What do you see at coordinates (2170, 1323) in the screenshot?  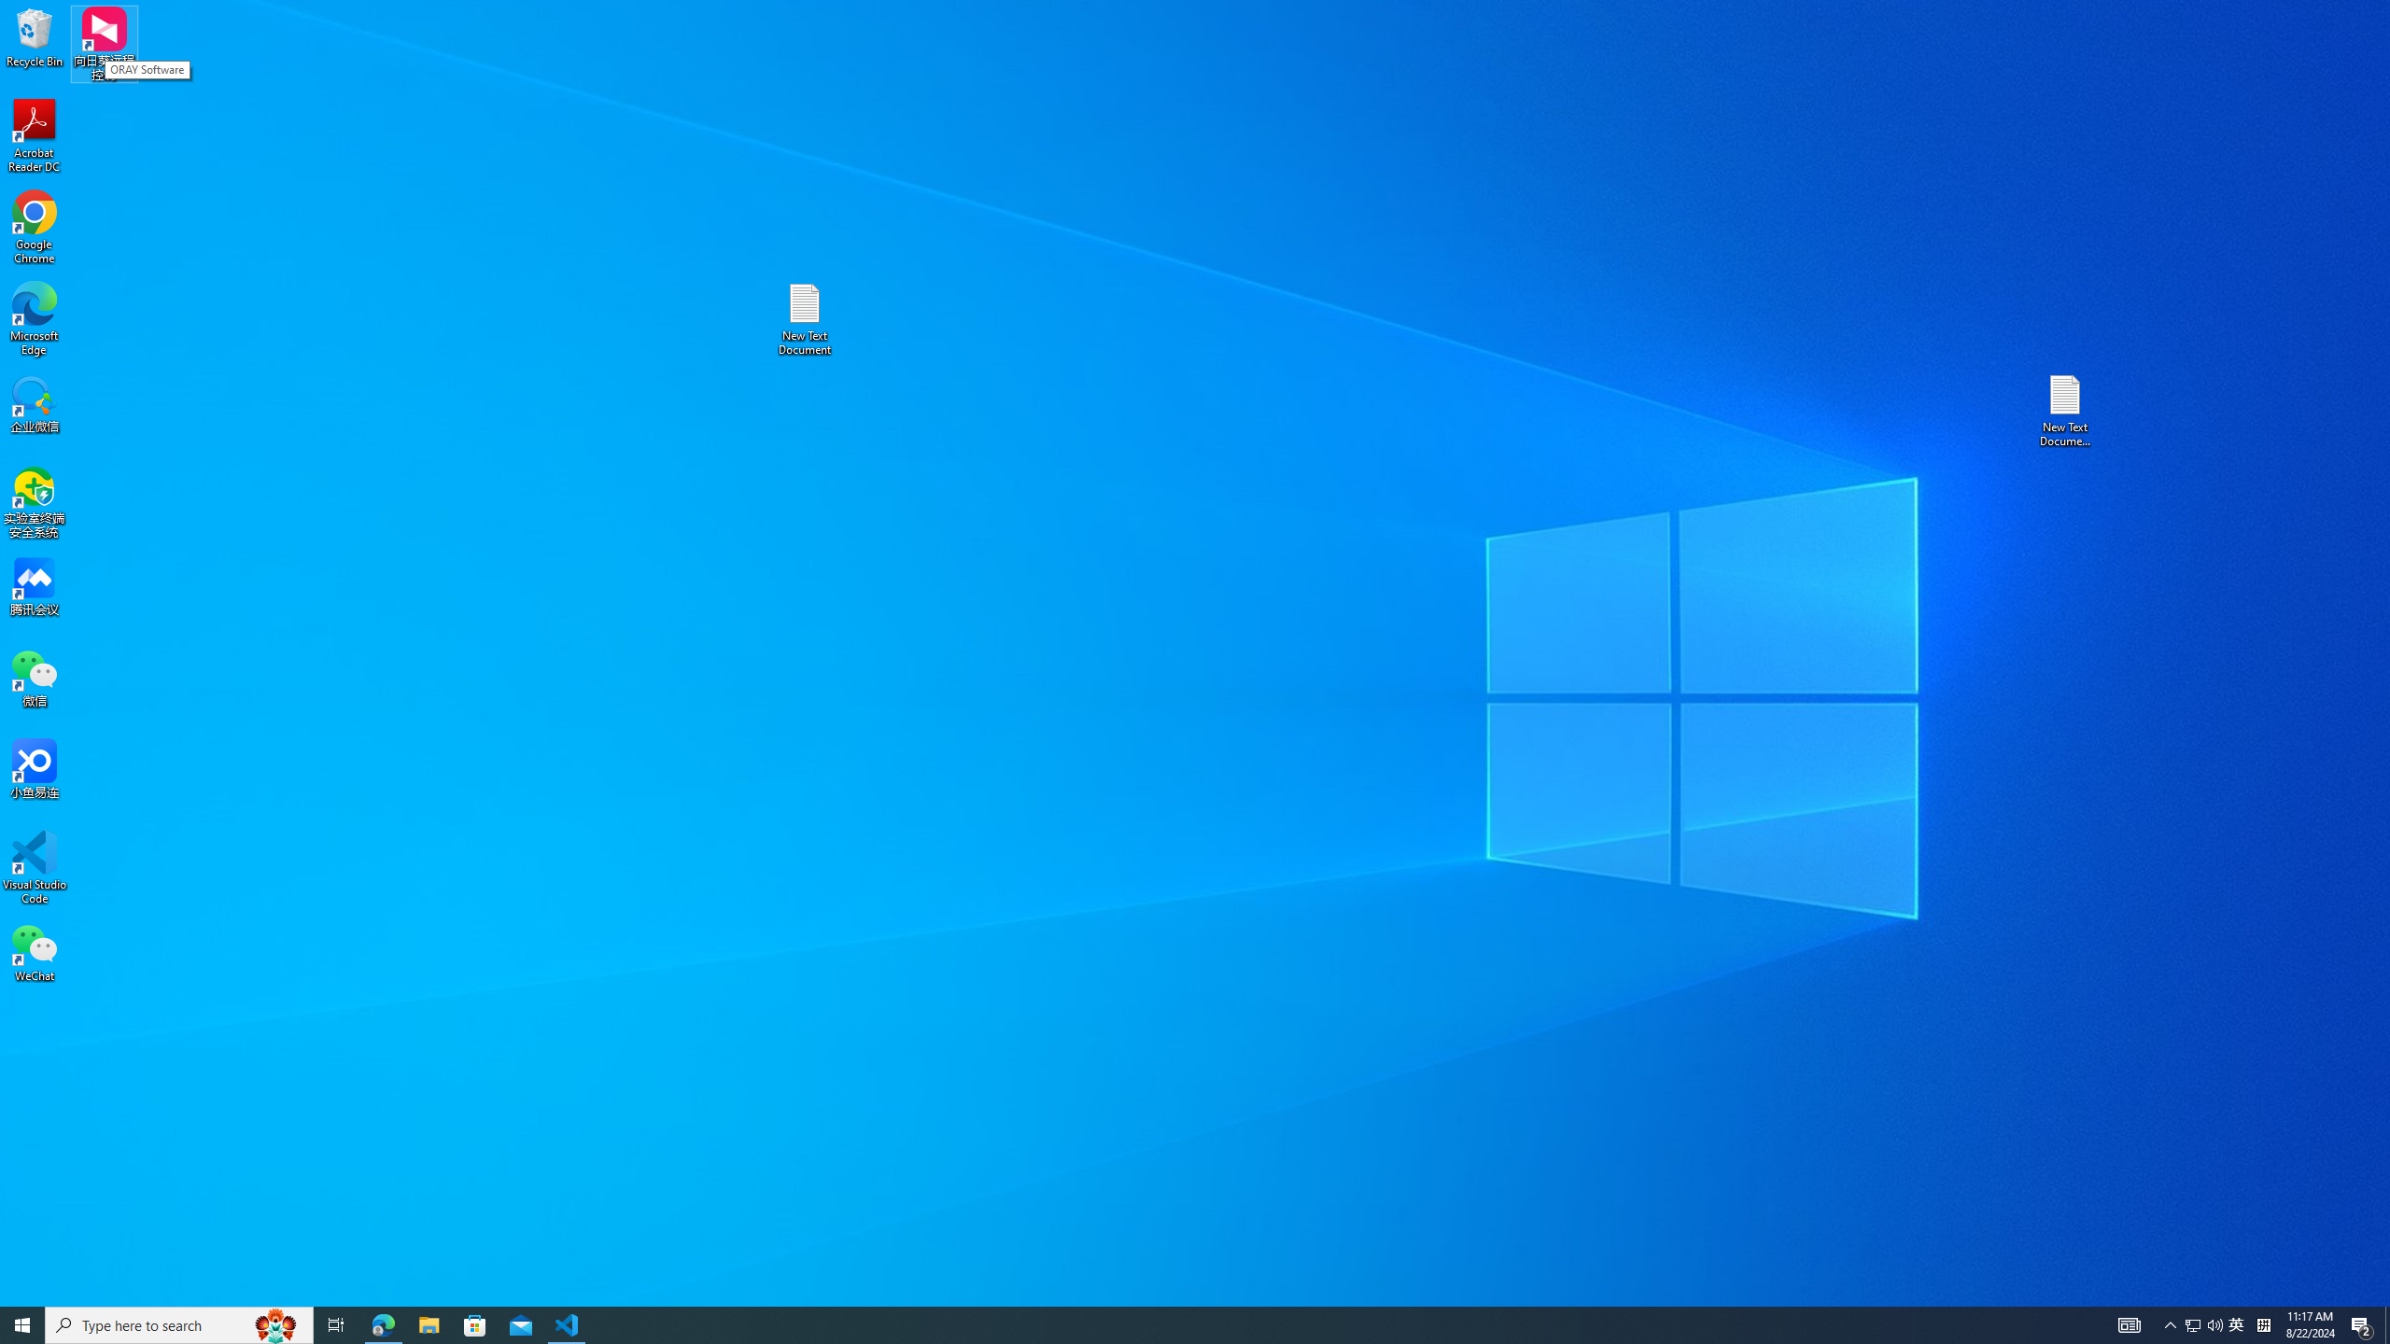 I see `'Notification Chevron'` at bounding box center [2170, 1323].